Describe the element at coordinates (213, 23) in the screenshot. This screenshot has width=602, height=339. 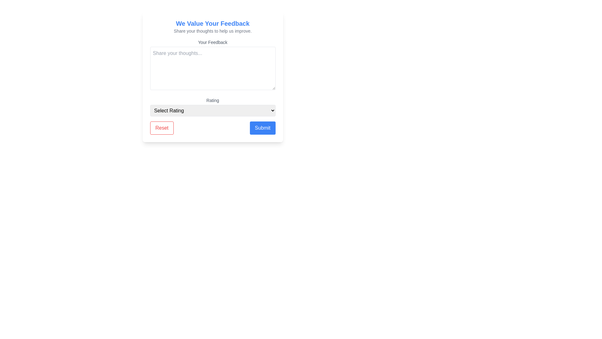
I see `header text that provides a welcoming message in the feedback section, located at the top center of the feedback form` at that location.